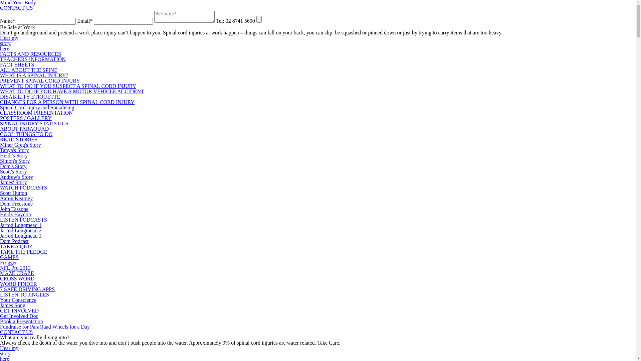 This screenshot has height=361, width=641. I want to click on 'SPINAL INJURY STATISTICS', so click(34, 123).